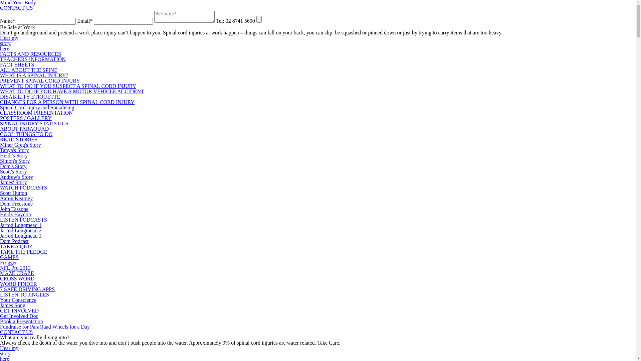 This screenshot has height=361, width=641. I want to click on 'SPINAL INJURY STATISTICS', so click(34, 123).